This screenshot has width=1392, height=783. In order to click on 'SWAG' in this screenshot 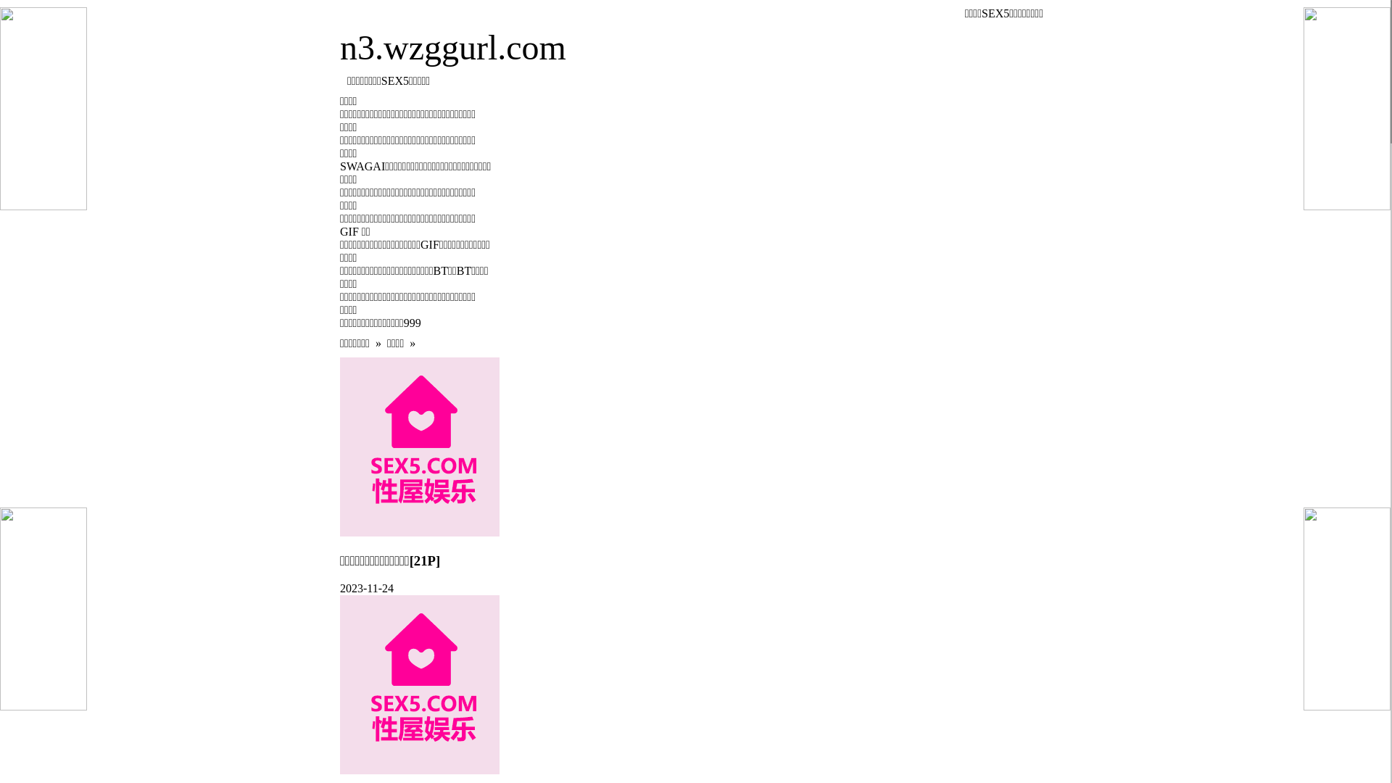, I will do `click(356, 165)`.